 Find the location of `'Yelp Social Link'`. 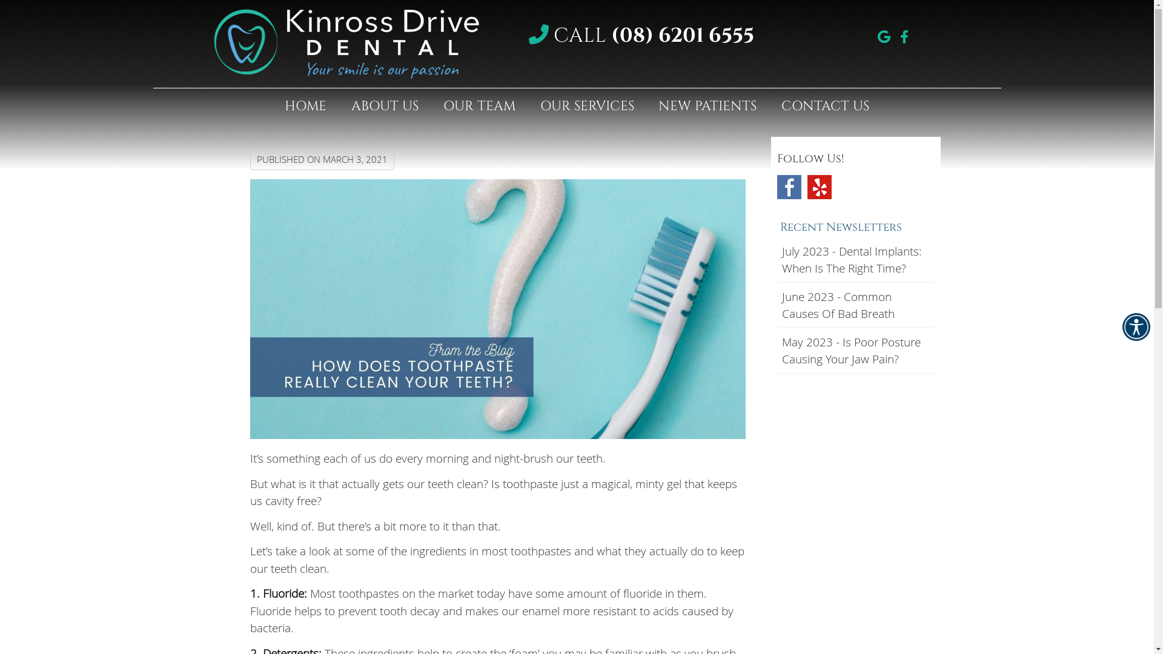

'Yelp Social Link' is located at coordinates (819, 187).